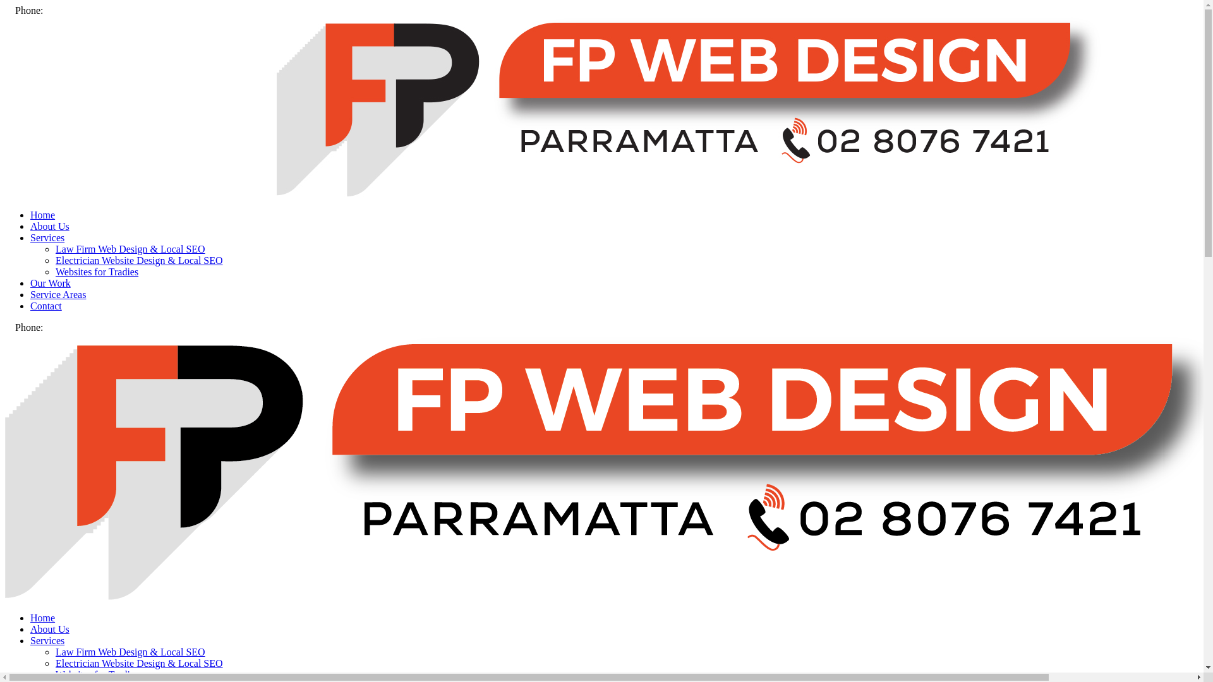  Describe the element at coordinates (51, 282) in the screenshot. I see `'Our Work'` at that location.